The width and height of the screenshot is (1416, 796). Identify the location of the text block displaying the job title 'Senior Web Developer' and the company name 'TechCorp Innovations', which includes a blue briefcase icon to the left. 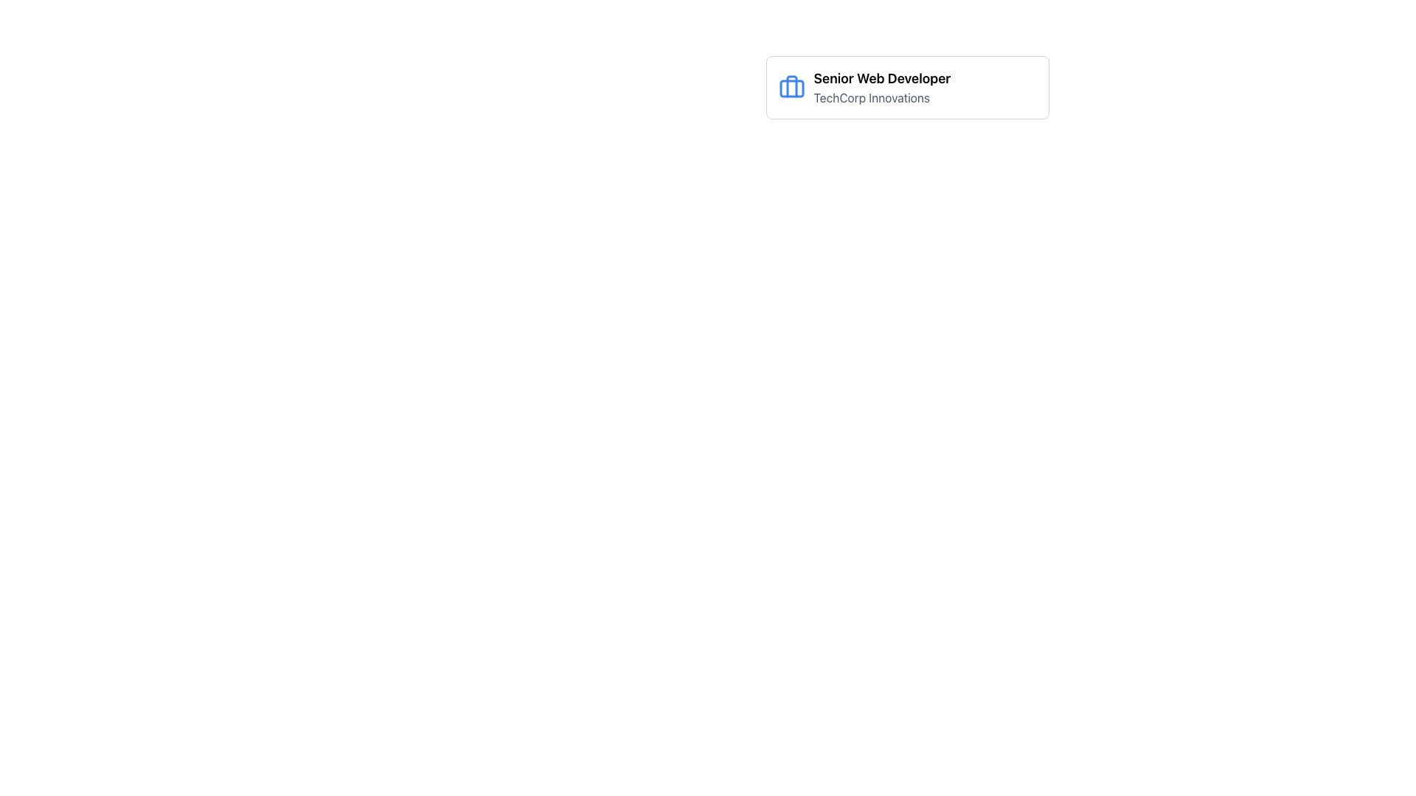
(906, 88).